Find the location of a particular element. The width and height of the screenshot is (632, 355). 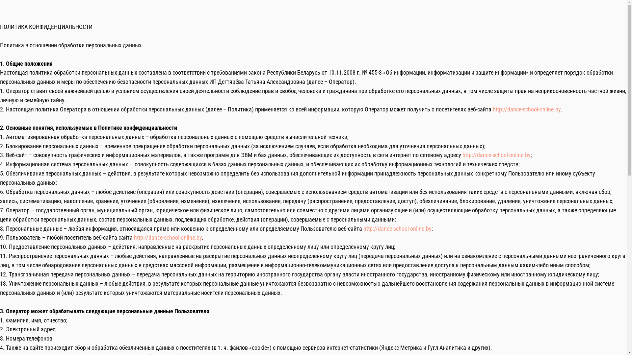

'http://dance-school-online.by' is located at coordinates (493, 109).